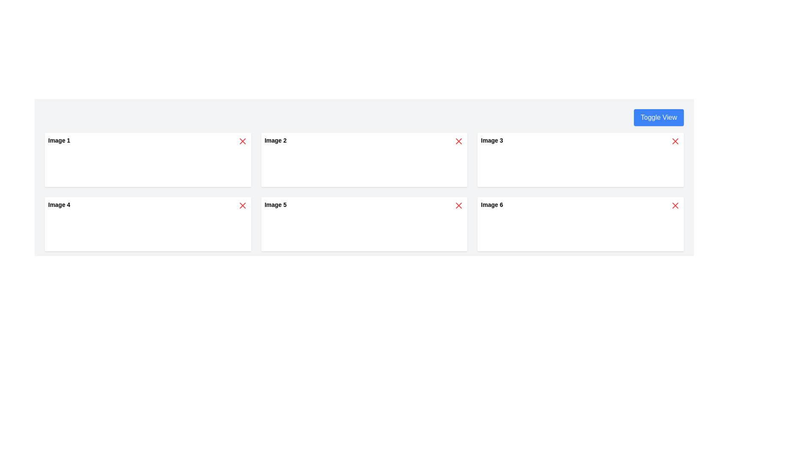  Describe the element at coordinates (492, 204) in the screenshot. I see `the static text label located in the top-left corner of the sixth box in the grid layout, which is positioned in the second row and third column` at that location.